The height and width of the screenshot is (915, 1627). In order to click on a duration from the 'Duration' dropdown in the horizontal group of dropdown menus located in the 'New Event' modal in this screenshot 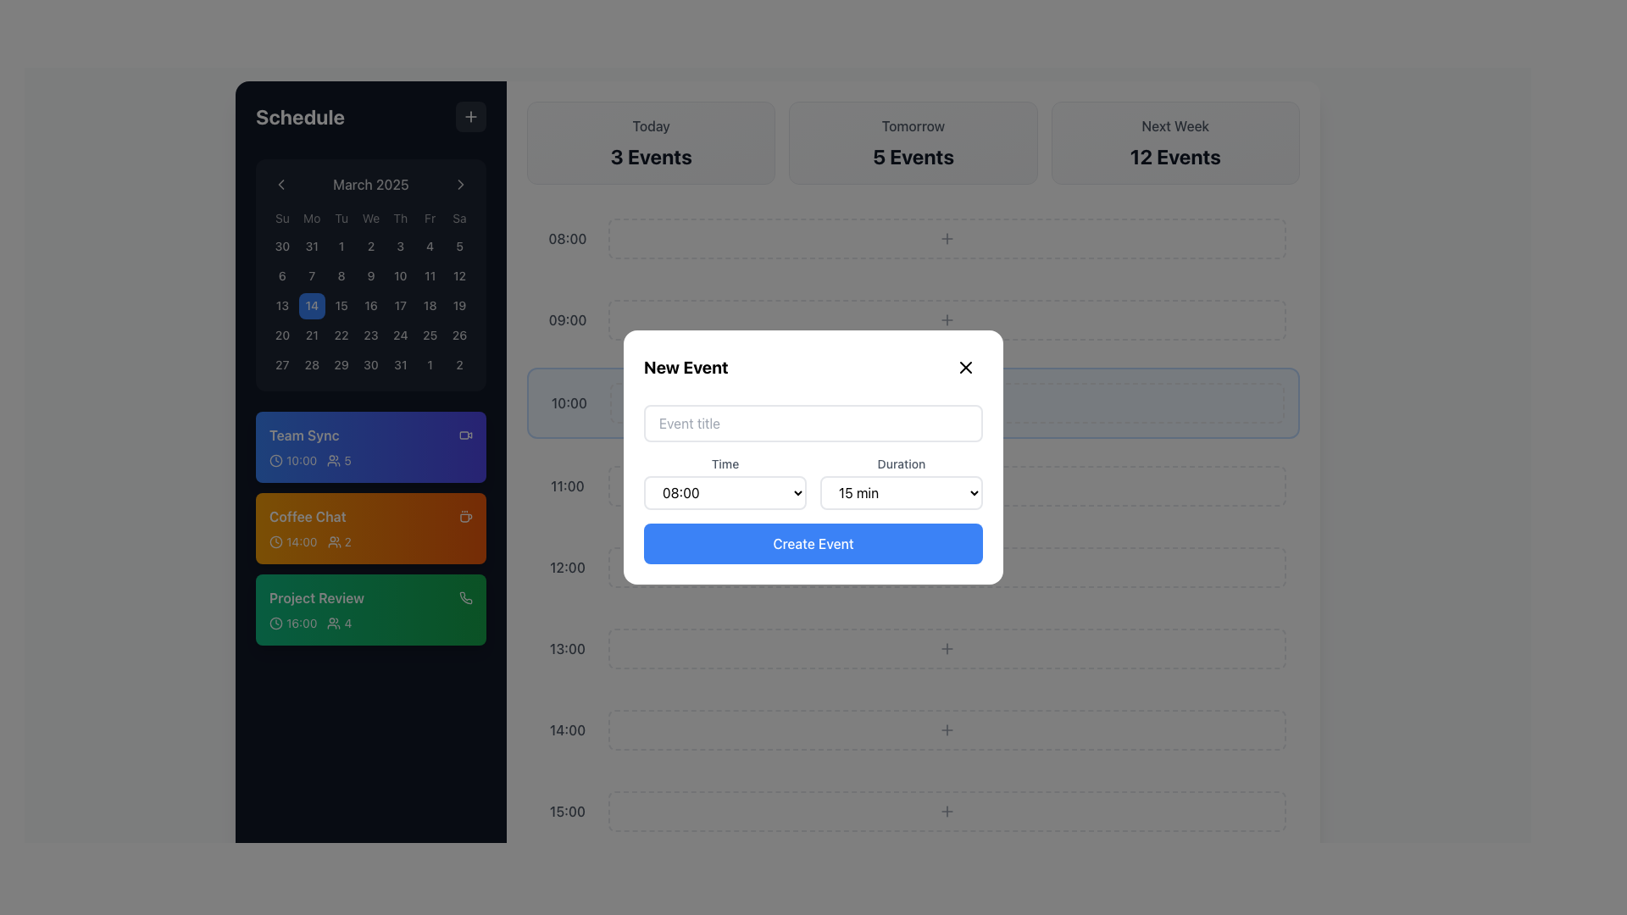, I will do `click(813, 483)`.